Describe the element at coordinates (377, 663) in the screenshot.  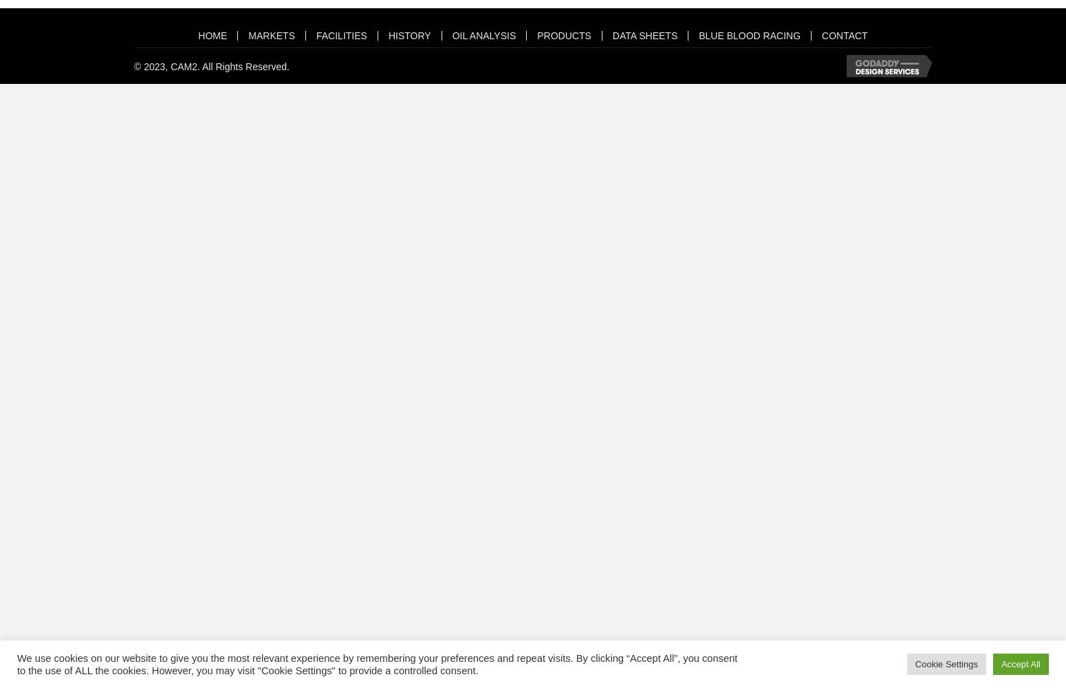
I see `'We use cookies on our website to give you the most relevant experience by remembering your preferences and repeat visits. By clicking “Accept All”, you consent to the use of ALL the cookies. However, you may visit "Cookie Settings" to provide a controlled consent.'` at that location.